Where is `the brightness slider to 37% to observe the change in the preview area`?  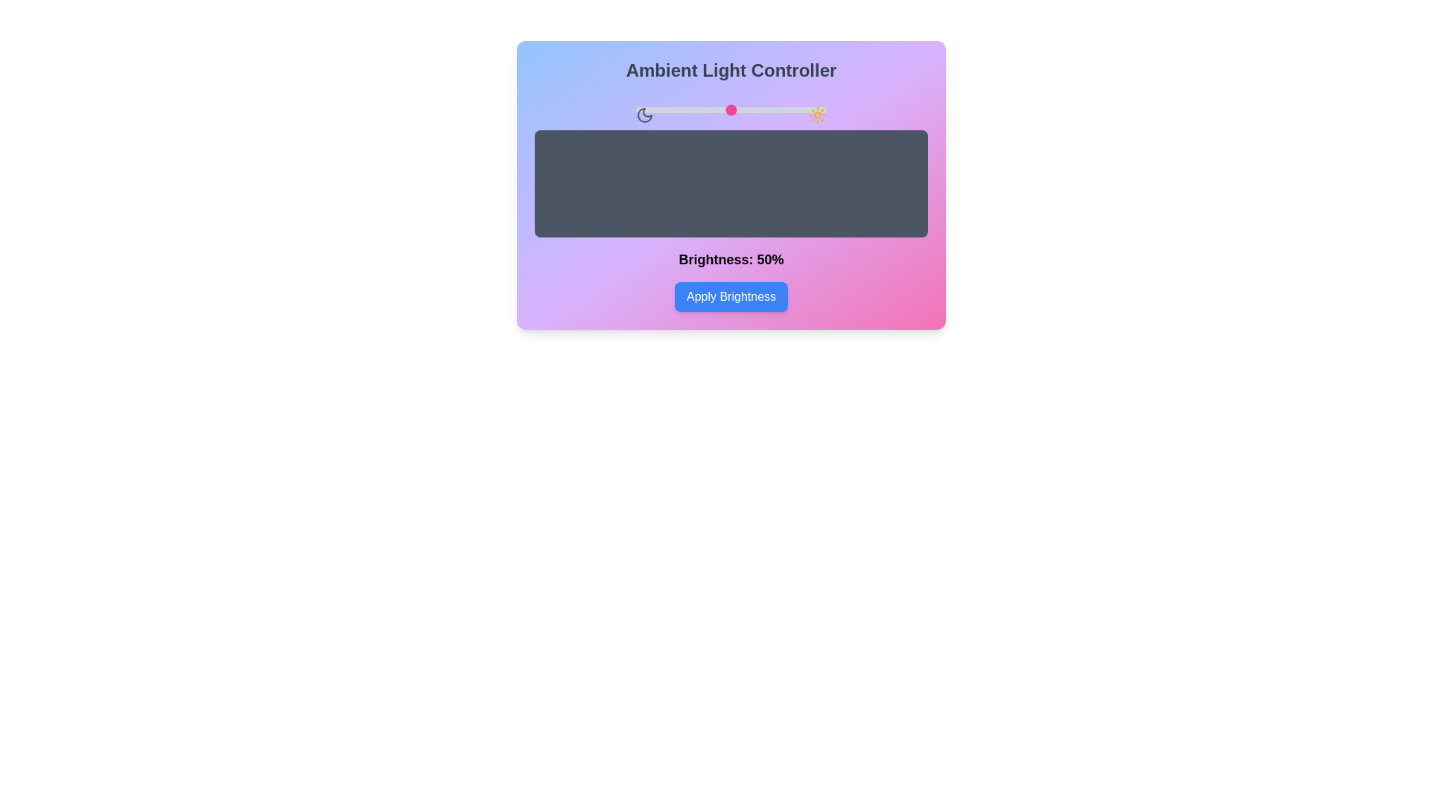
the brightness slider to 37% to observe the change in the preview area is located at coordinates (705, 109).